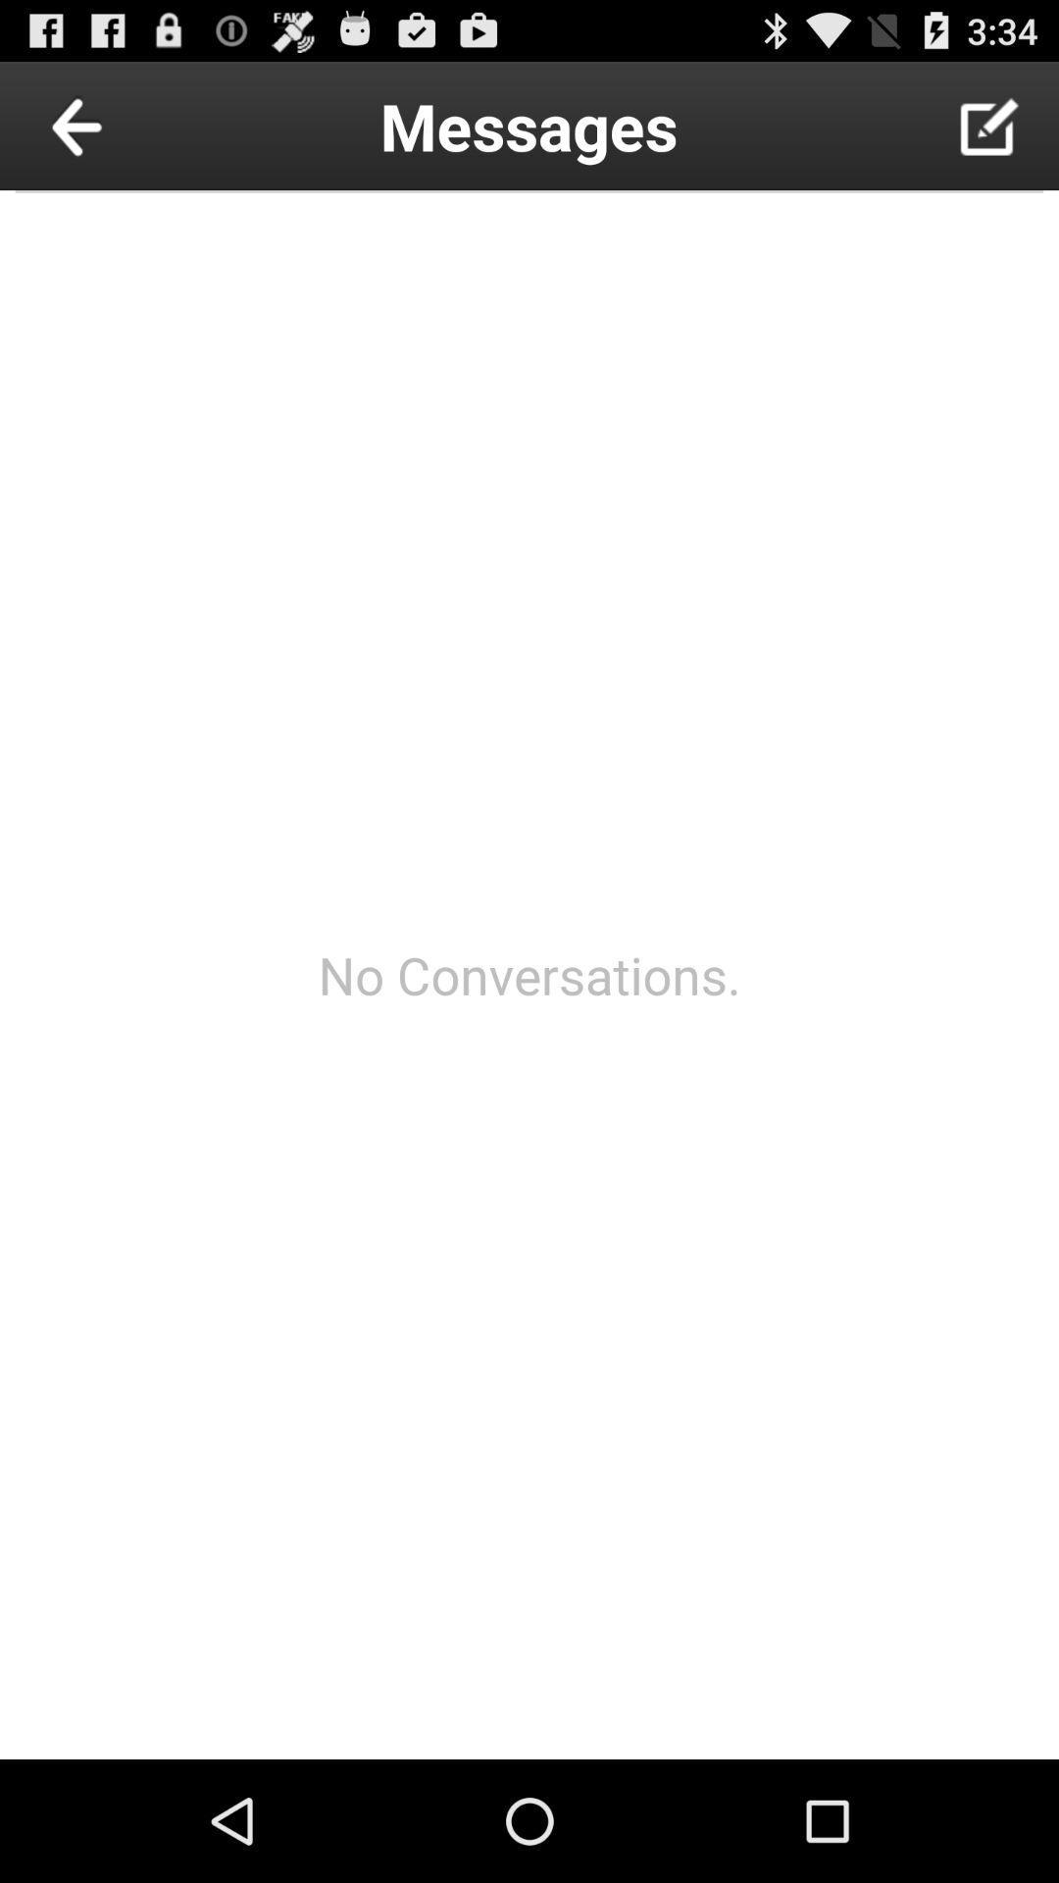 The height and width of the screenshot is (1883, 1059). I want to click on the edit icon, so click(989, 133).